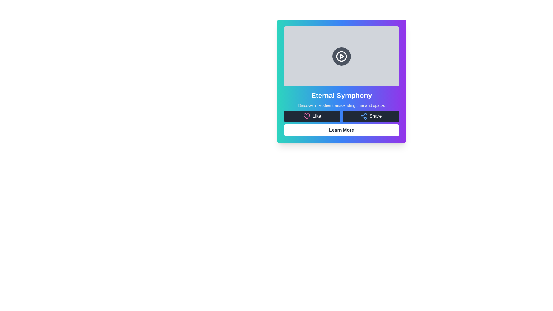 This screenshot has width=553, height=311. I want to click on the circular play button with a white outline and triangular play symbol, so click(341, 56).